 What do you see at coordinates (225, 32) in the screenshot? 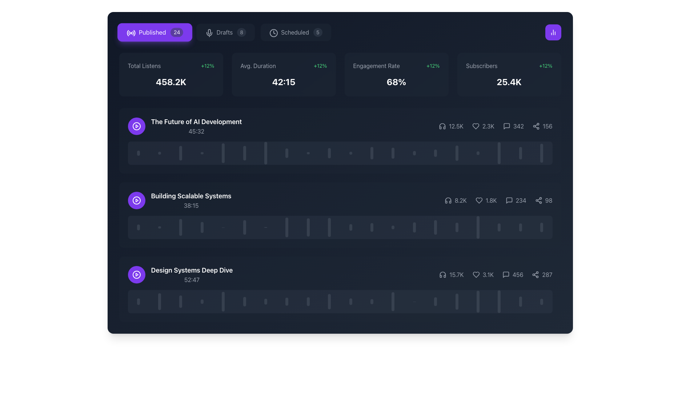
I see `the button featuring a microphone icon and the label 'Drafts' with the number '8' in a badge` at bounding box center [225, 32].